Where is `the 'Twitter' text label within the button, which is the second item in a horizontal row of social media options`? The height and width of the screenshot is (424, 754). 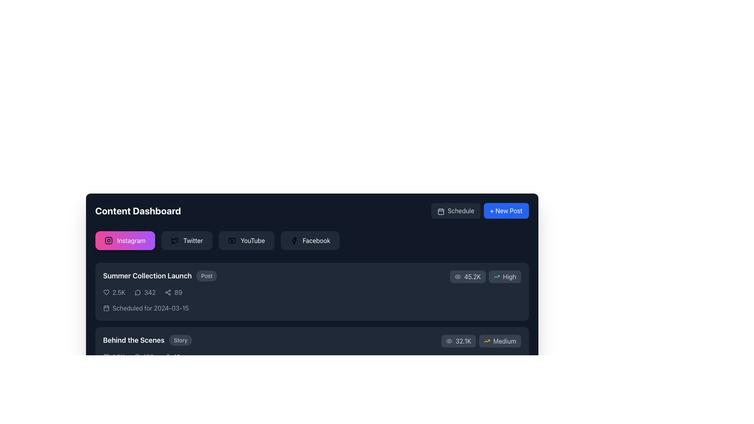 the 'Twitter' text label within the button, which is the second item in a horizontal row of social media options is located at coordinates (193, 240).